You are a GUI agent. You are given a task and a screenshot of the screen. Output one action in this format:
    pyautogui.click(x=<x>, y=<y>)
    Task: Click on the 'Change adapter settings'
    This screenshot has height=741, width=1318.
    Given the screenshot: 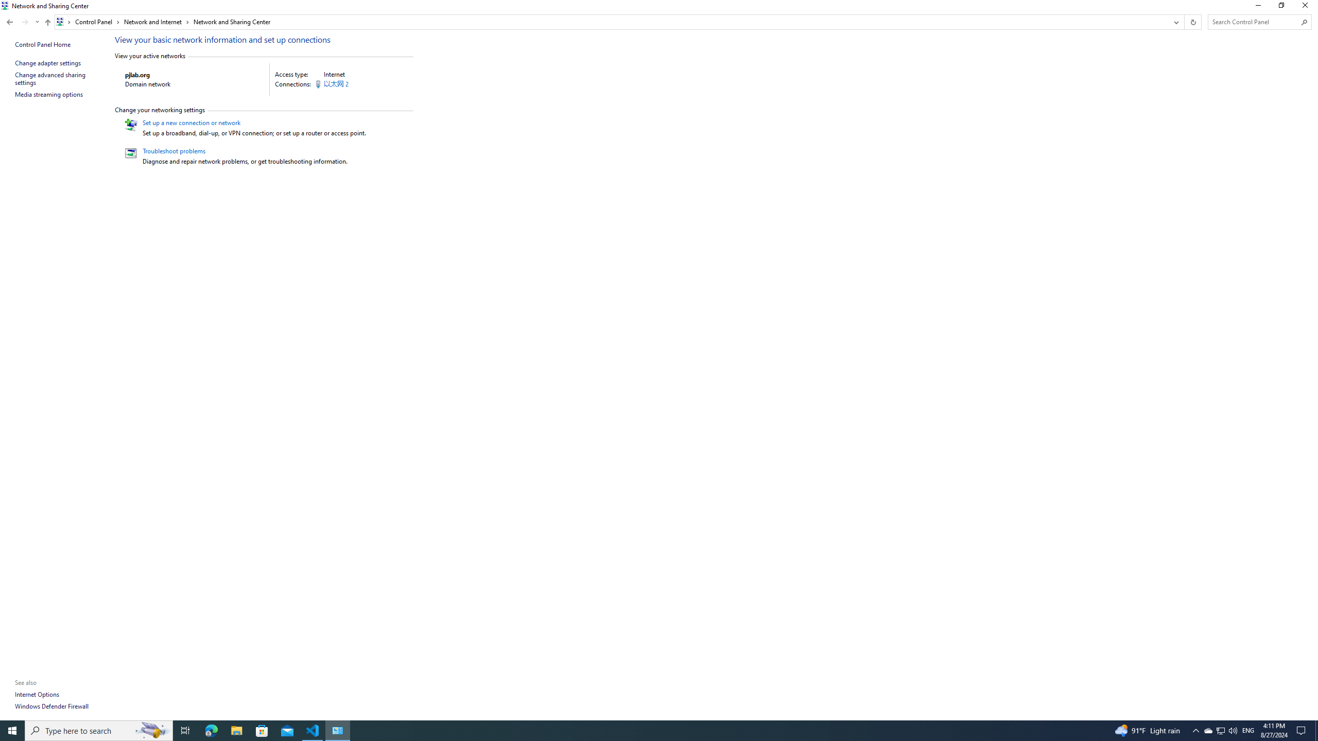 What is the action you would take?
    pyautogui.click(x=48, y=63)
    